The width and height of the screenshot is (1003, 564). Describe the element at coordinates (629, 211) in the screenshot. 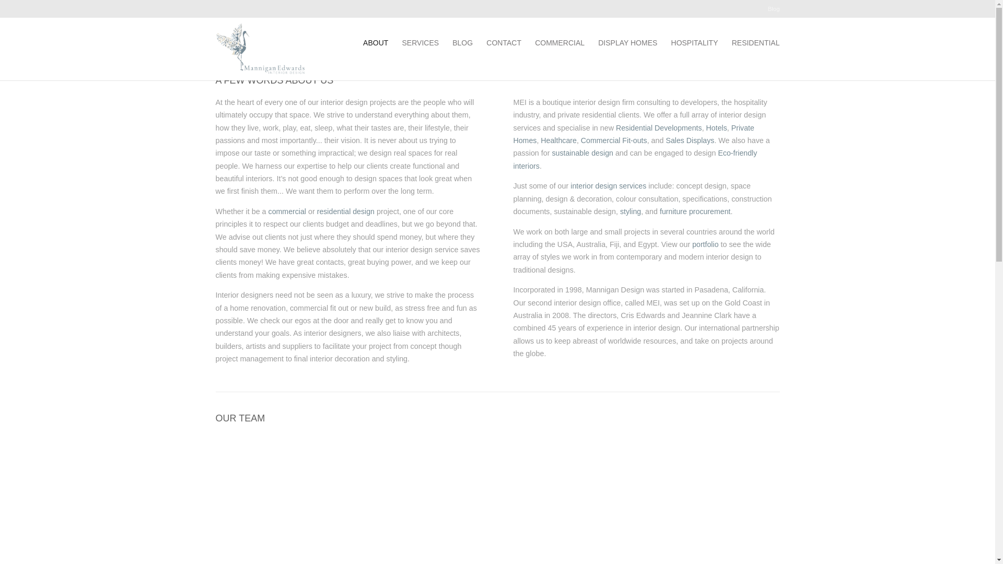

I see `'styling'` at that location.